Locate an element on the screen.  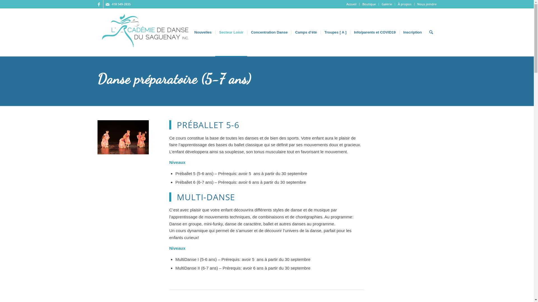
'Inscription' is located at coordinates (412, 32).